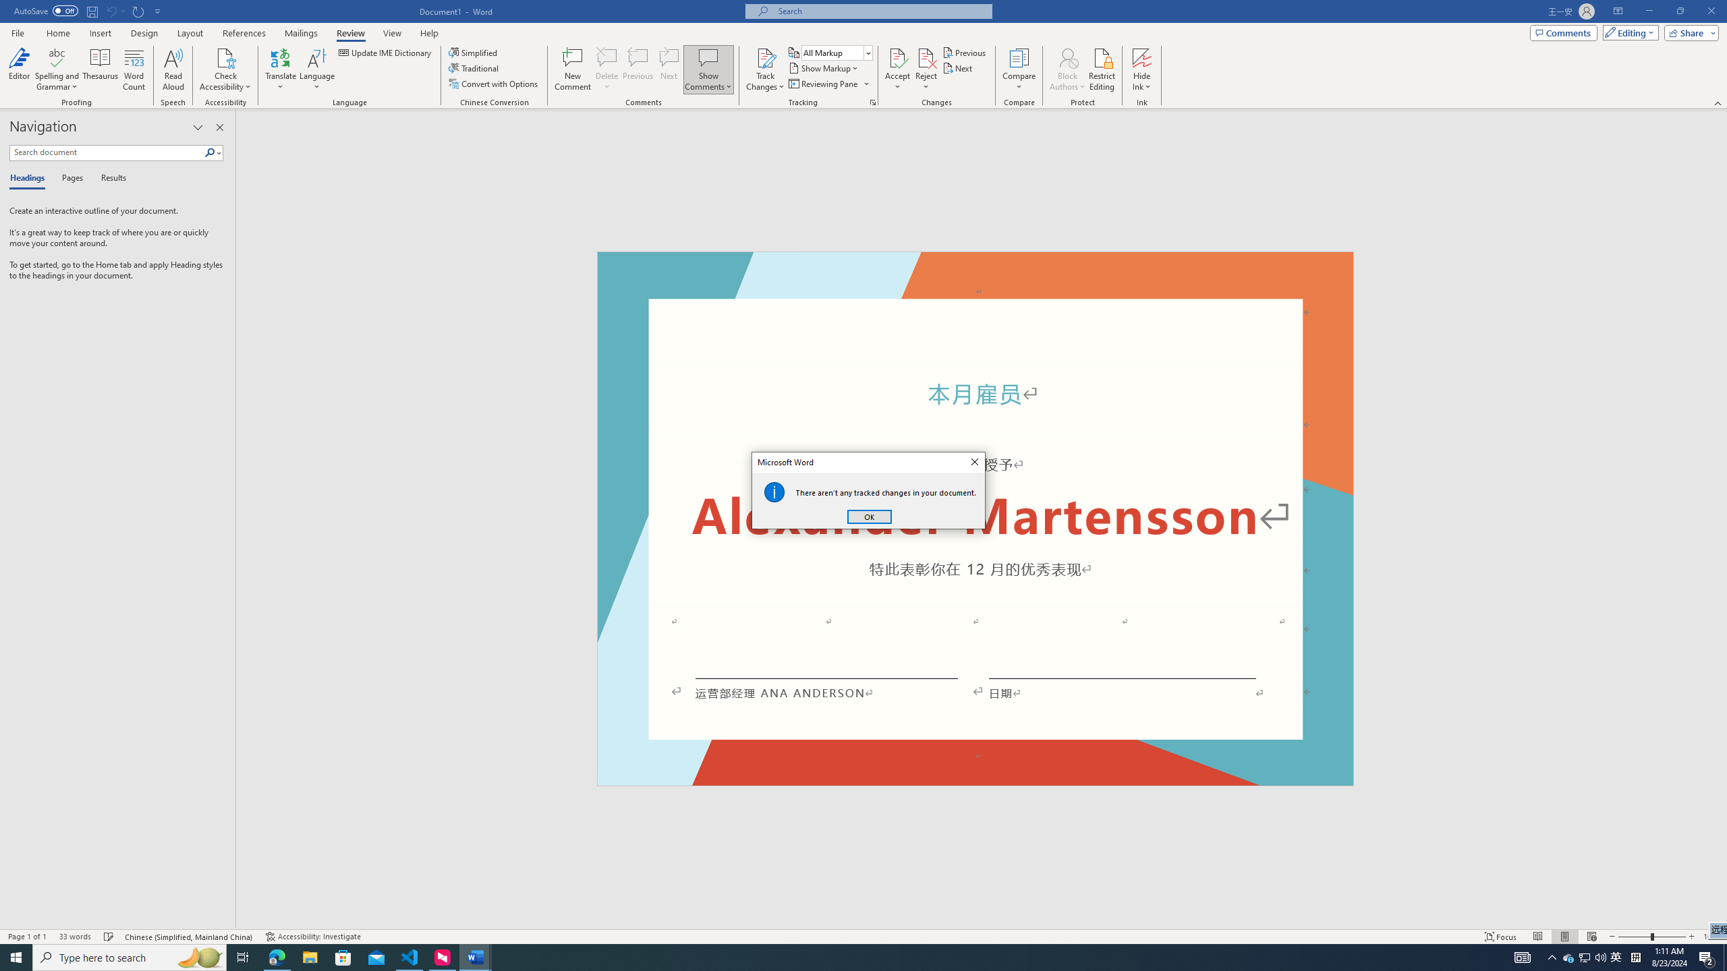 The height and width of the screenshot is (971, 1727). What do you see at coordinates (198, 127) in the screenshot?
I see `'Task Pane Options'` at bounding box center [198, 127].